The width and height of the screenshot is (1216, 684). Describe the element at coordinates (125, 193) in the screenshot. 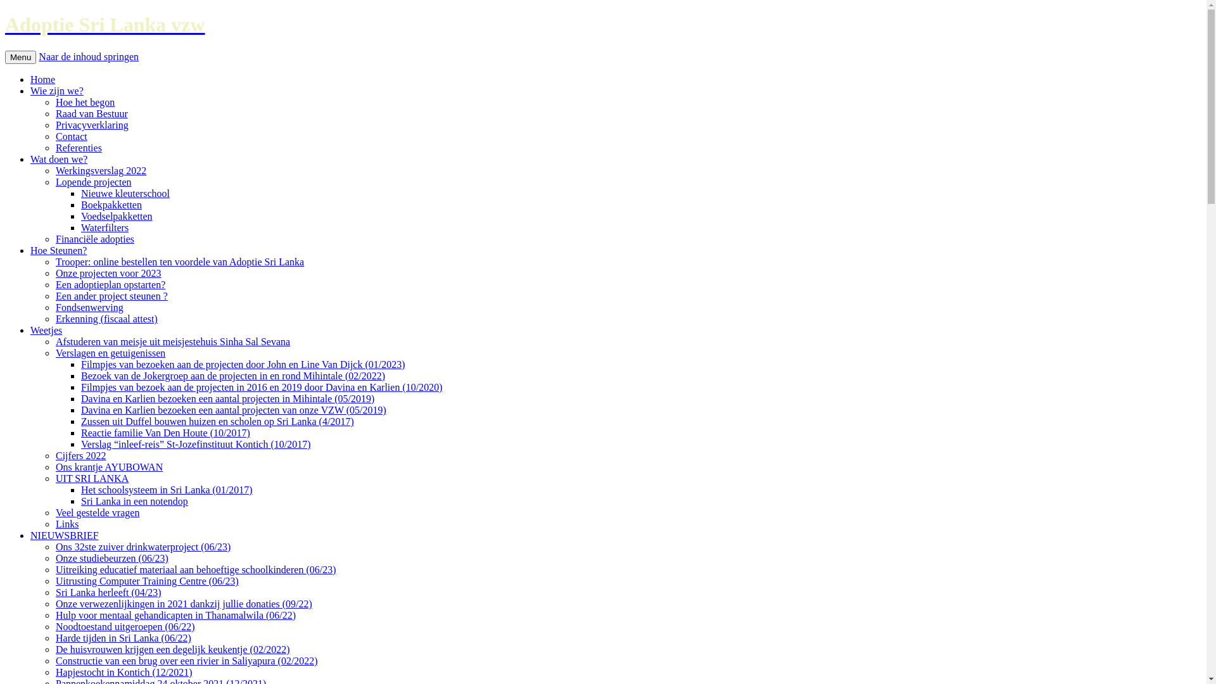

I see `'Nieuwe kleuterschool'` at that location.